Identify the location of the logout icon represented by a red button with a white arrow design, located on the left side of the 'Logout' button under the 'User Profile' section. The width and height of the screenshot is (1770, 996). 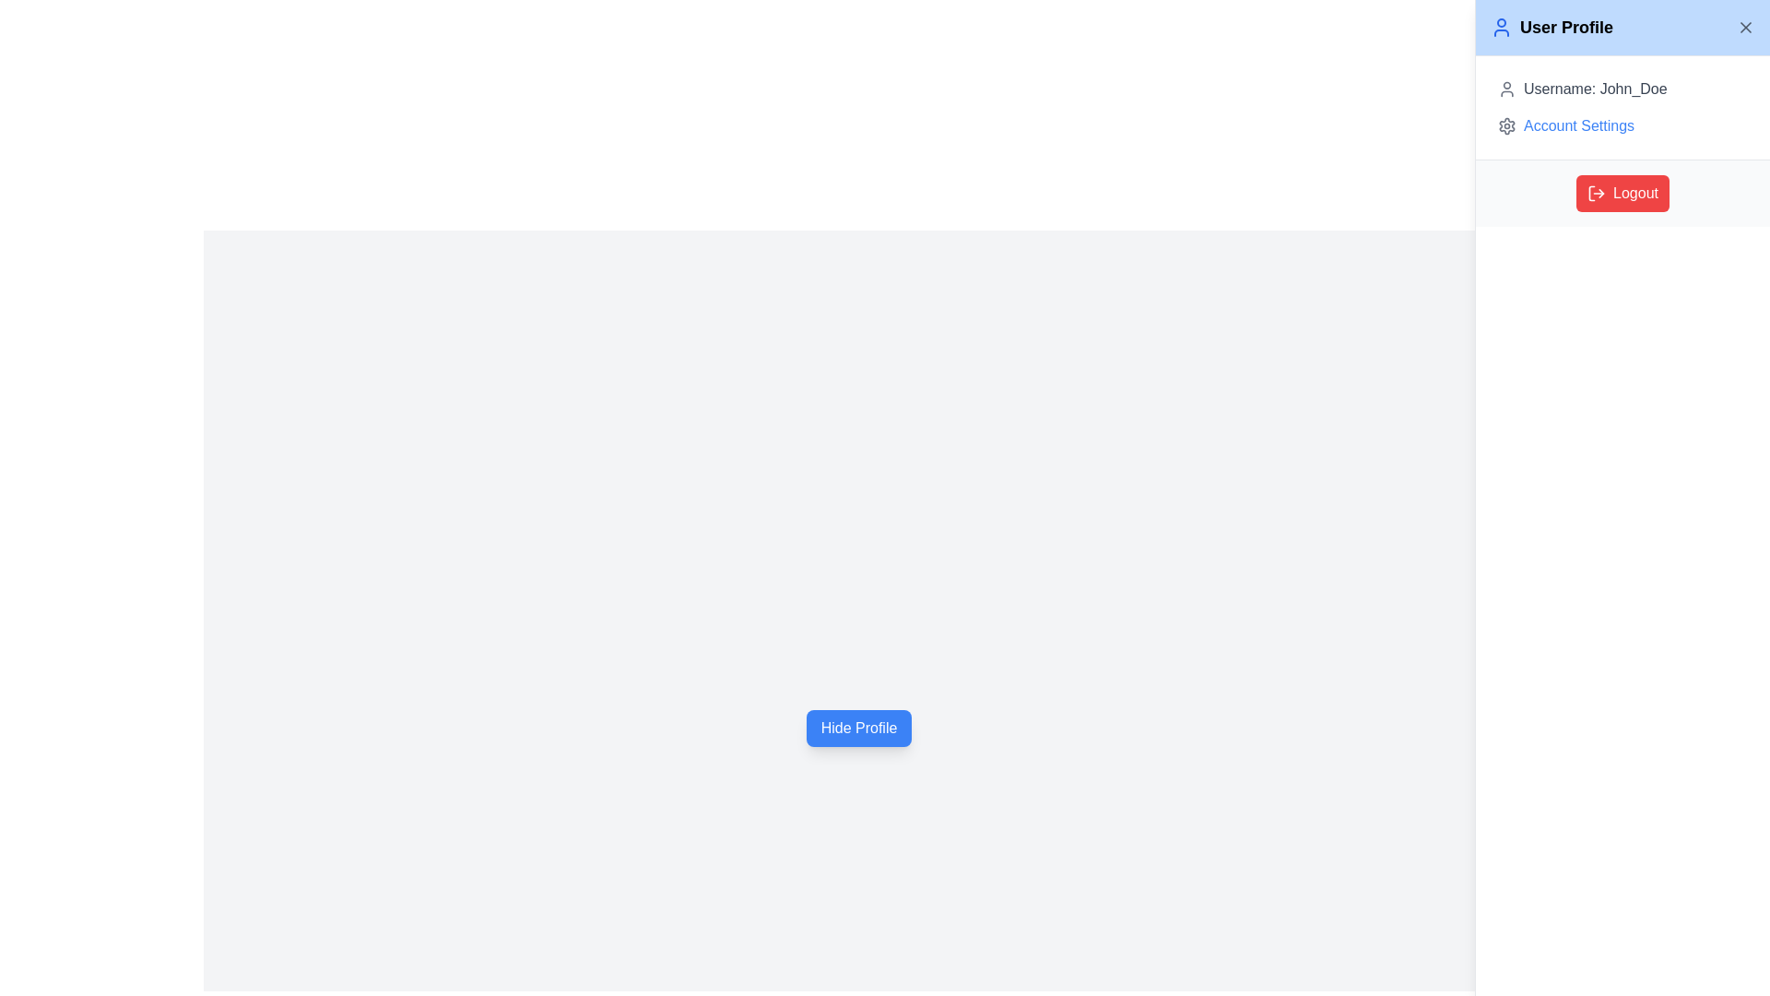
(1596, 193).